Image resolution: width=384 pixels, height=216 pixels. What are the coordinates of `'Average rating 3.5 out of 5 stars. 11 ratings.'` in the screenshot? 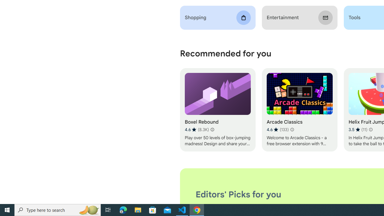 It's located at (358, 129).